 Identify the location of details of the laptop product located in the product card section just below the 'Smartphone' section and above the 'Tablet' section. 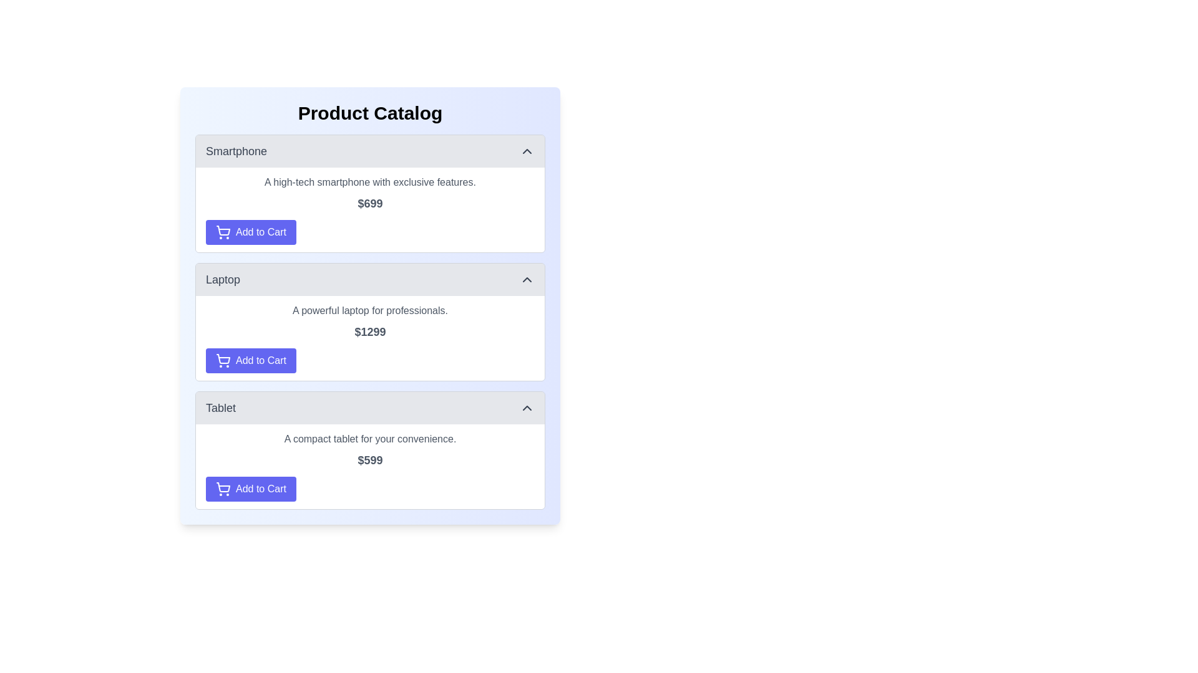
(369, 338).